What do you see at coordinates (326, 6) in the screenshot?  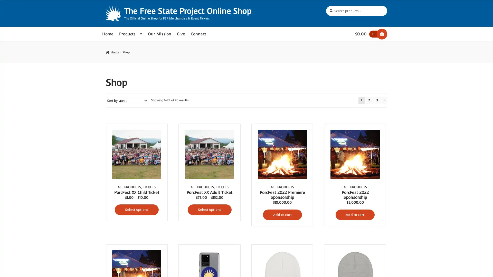 I see `Search` at bounding box center [326, 6].